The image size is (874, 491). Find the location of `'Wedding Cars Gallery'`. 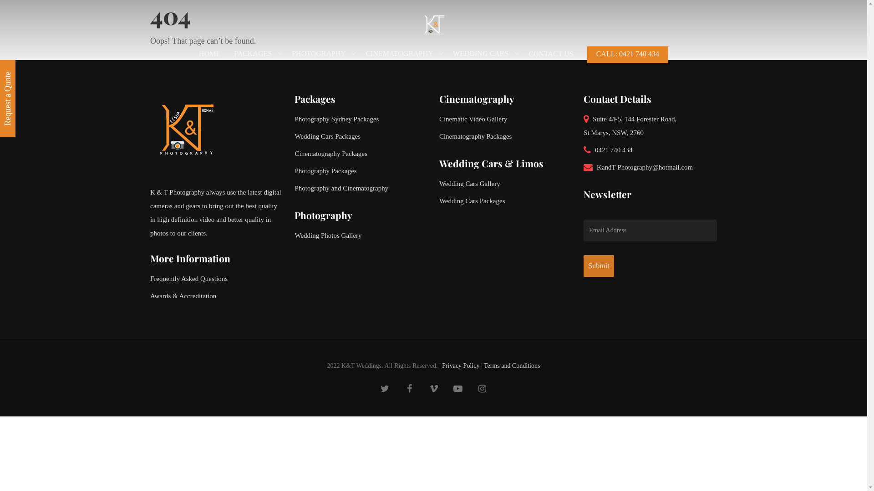

'Wedding Cars Gallery' is located at coordinates (505, 184).